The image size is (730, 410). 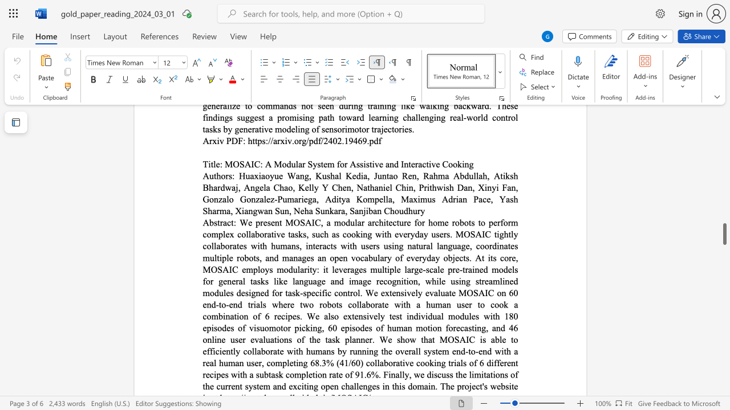 What do you see at coordinates (724, 181) in the screenshot?
I see `the scrollbar to adjust the page upward` at bounding box center [724, 181].